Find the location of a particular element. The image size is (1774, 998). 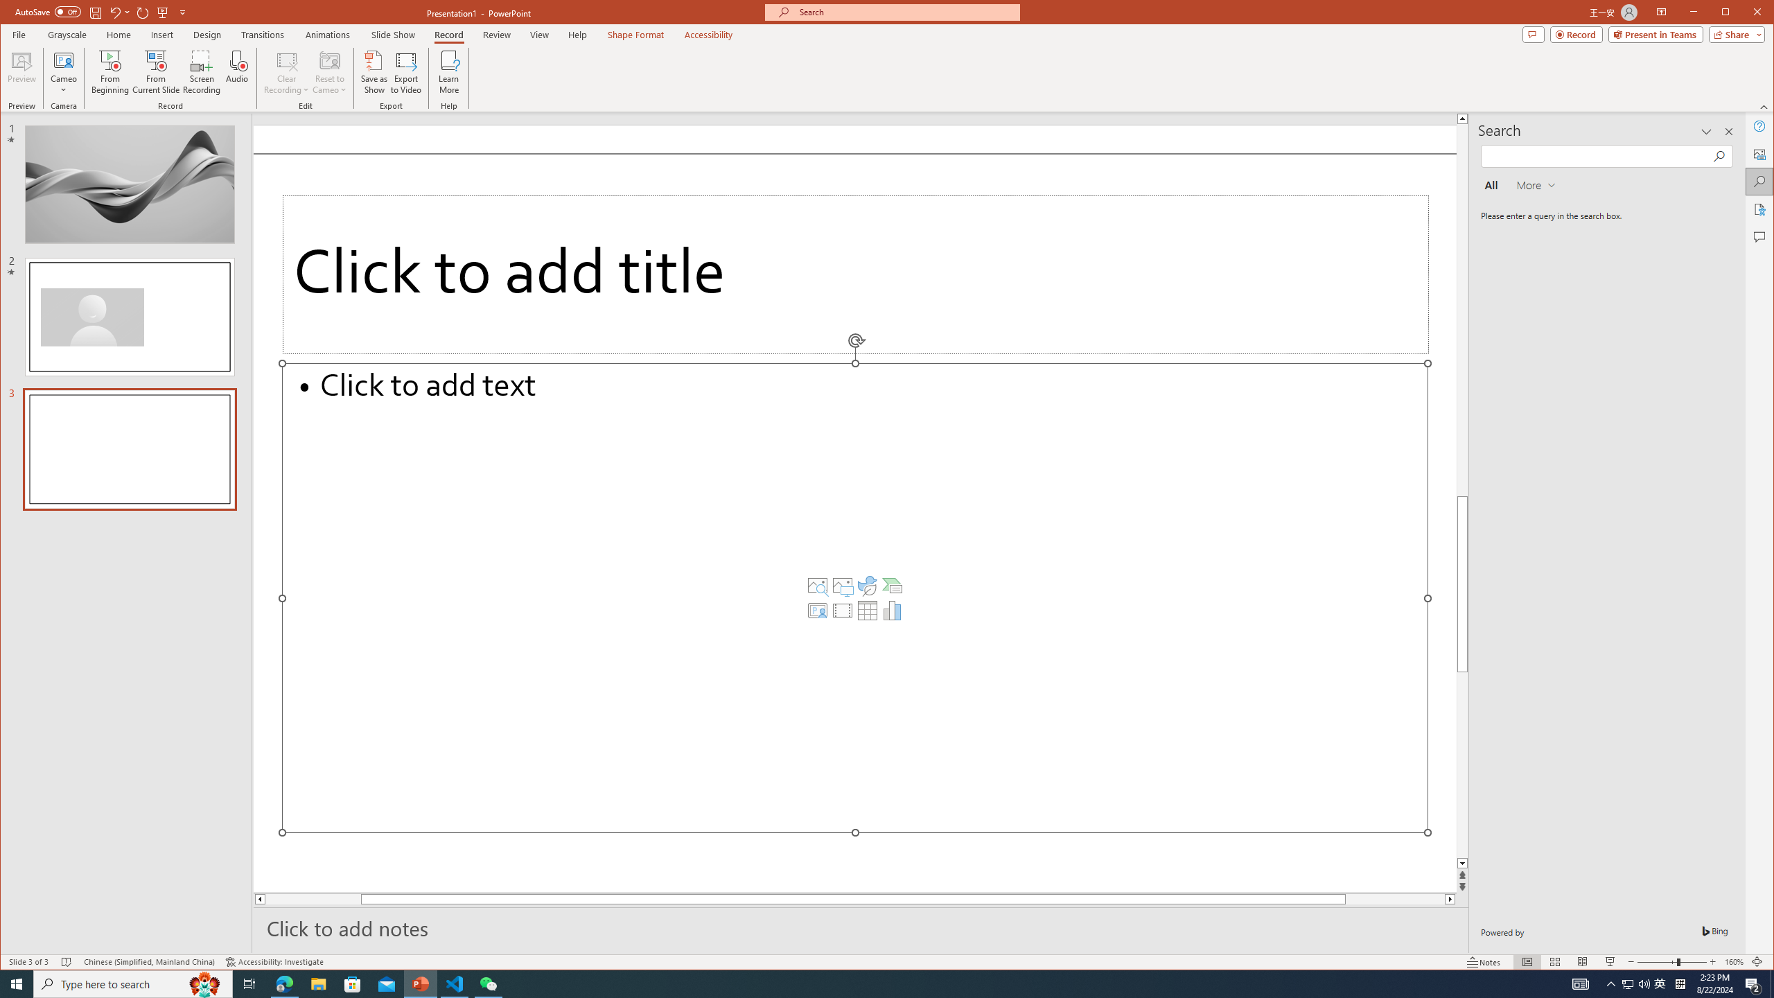

'Clear Recording' is located at coordinates (286, 71).